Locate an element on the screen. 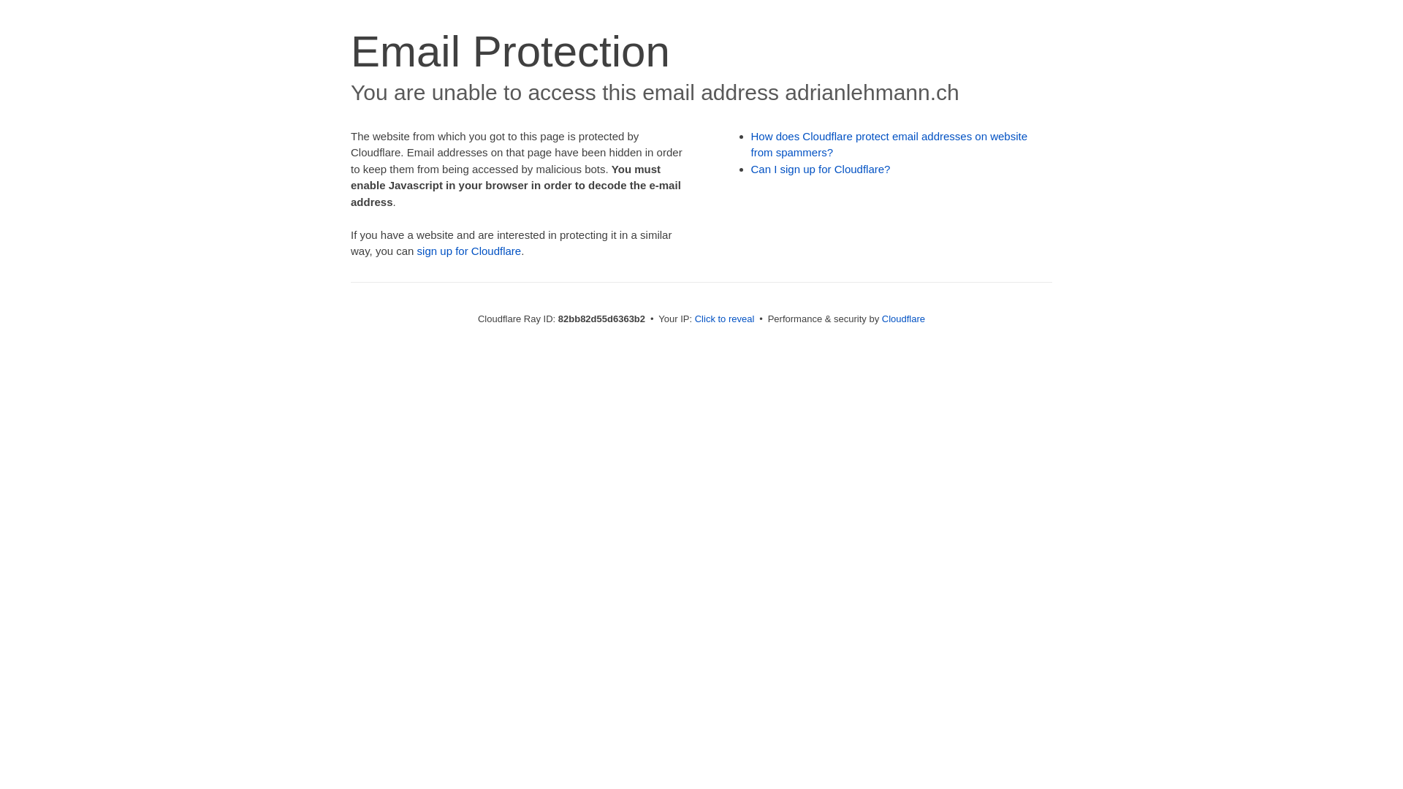 This screenshot has width=1403, height=789. 'Can I sign up for Cloudflare?' is located at coordinates (821, 168).